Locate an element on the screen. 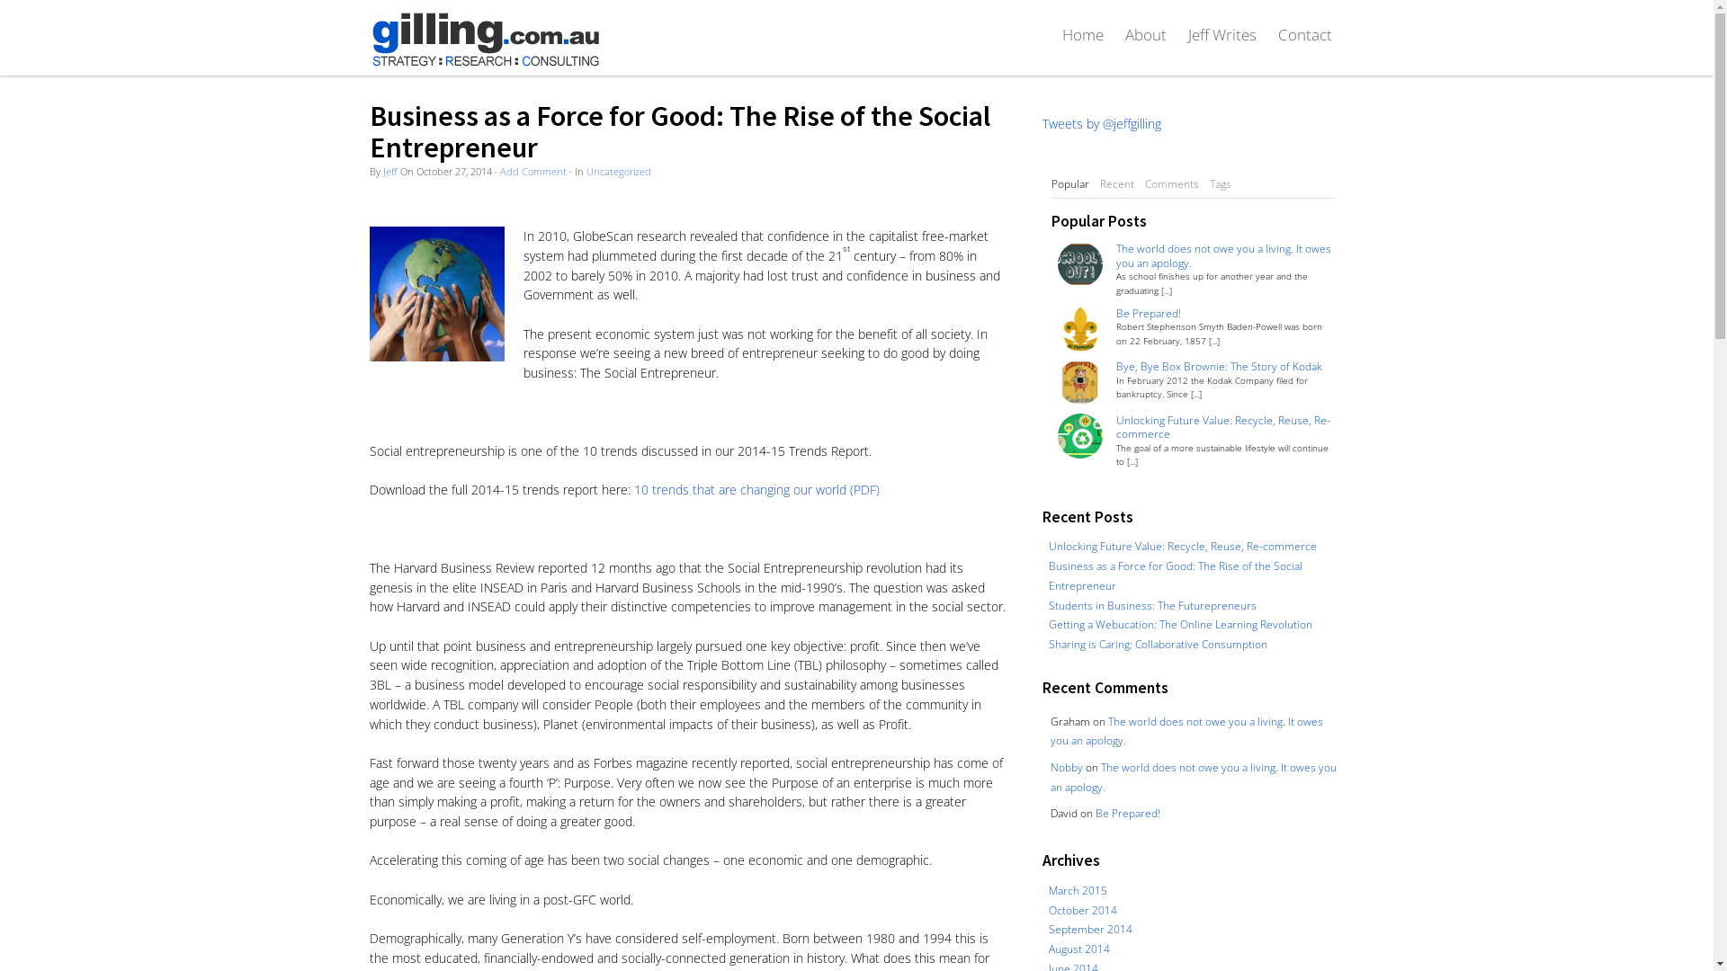 The image size is (1727, 971). 'Tweets by @jeffgilling' is located at coordinates (1100, 122).